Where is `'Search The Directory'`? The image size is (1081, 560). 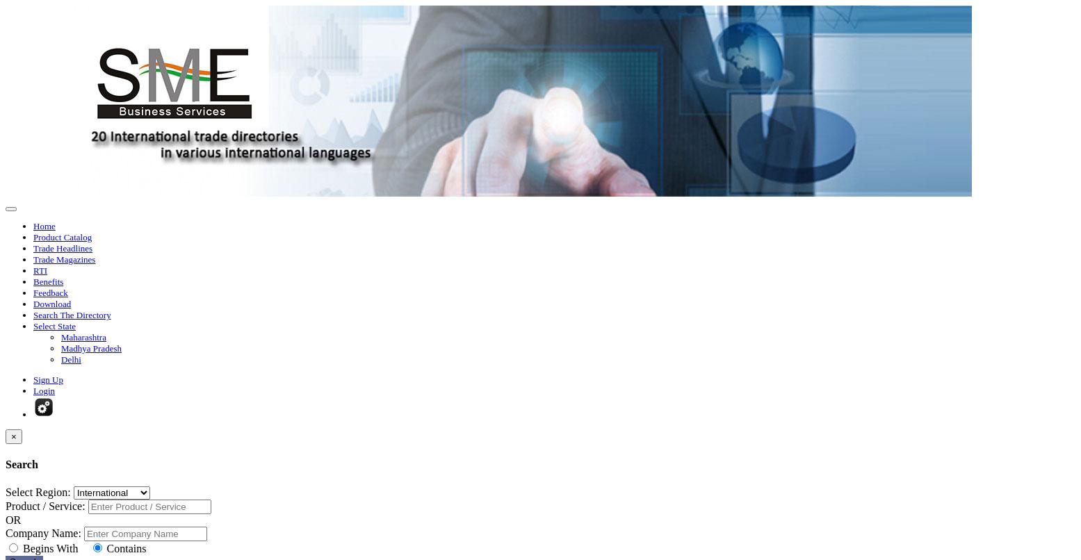 'Search The Directory' is located at coordinates (71, 315).